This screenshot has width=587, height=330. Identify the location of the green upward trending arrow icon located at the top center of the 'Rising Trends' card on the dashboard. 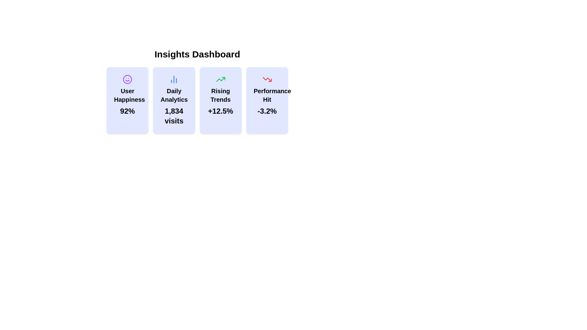
(220, 79).